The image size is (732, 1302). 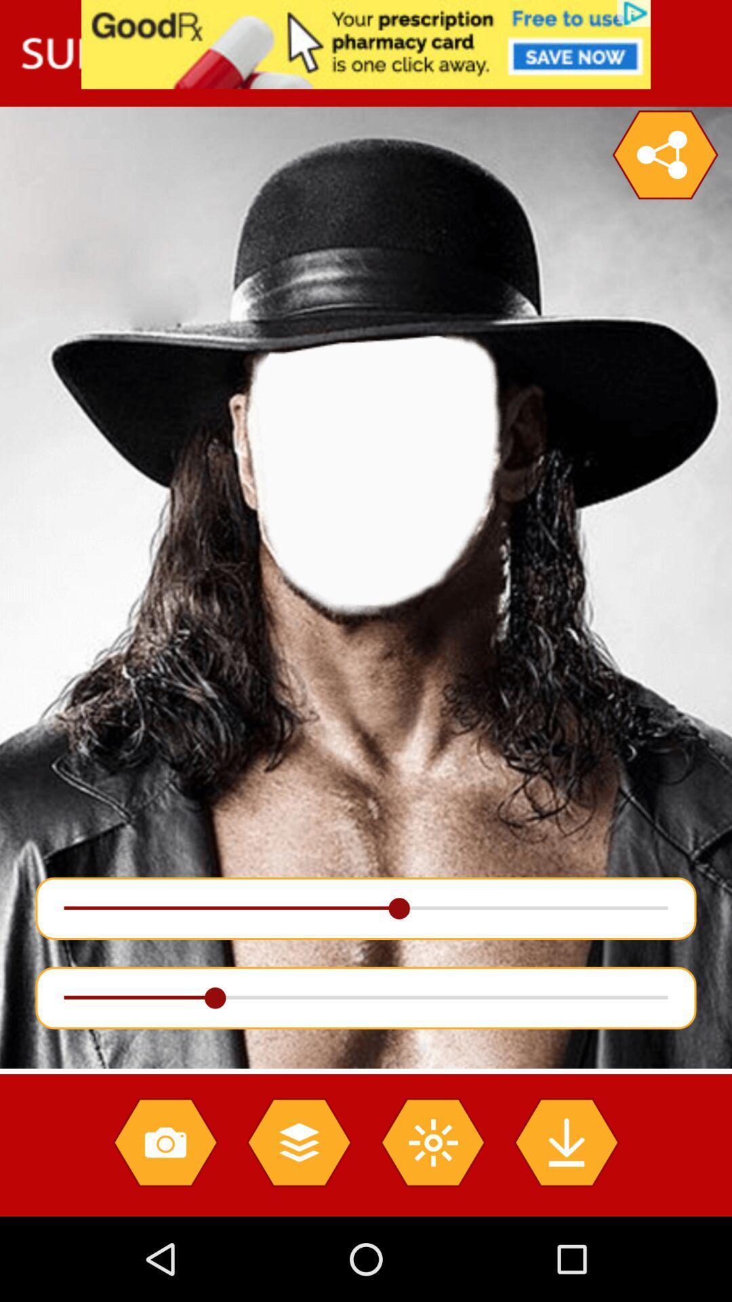 I want to click on make photo, so click(x=165, y=1141).